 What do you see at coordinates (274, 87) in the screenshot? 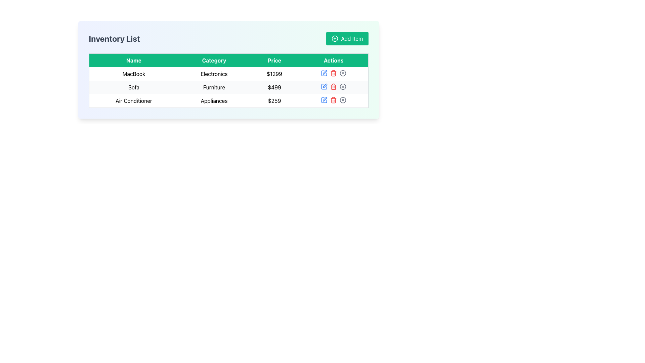
I see `the Text Display containing the price '$499' in bold, black font, which is the third column in the table row for the 'Sofa' product` at bounding box center [274, 87].